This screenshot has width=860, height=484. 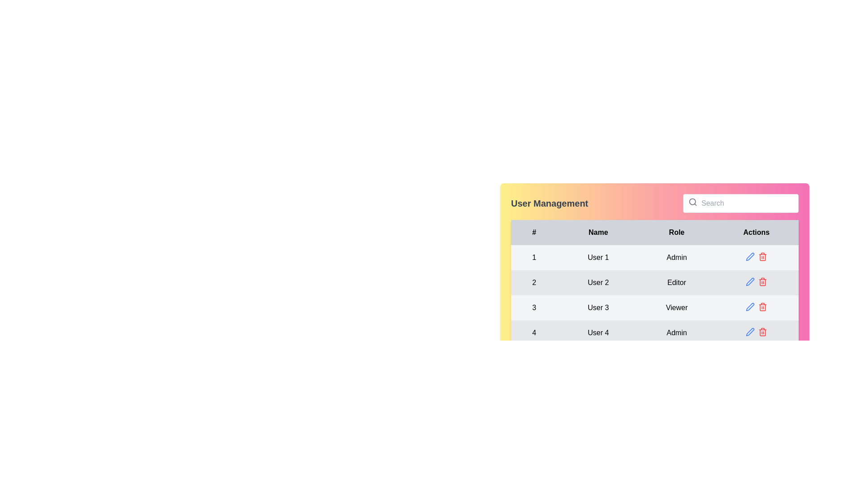 I want to click on text label indicating the role of the user as 'Editor' located in the 'Role' column of the second row of the table, so click(x=676, y=283).